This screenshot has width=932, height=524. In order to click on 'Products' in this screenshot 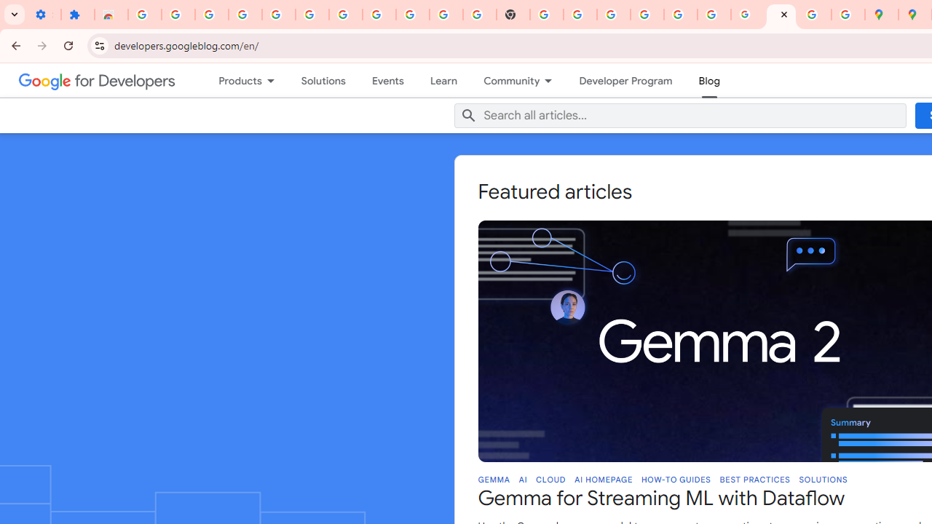, I will do `click(233, 80)`.